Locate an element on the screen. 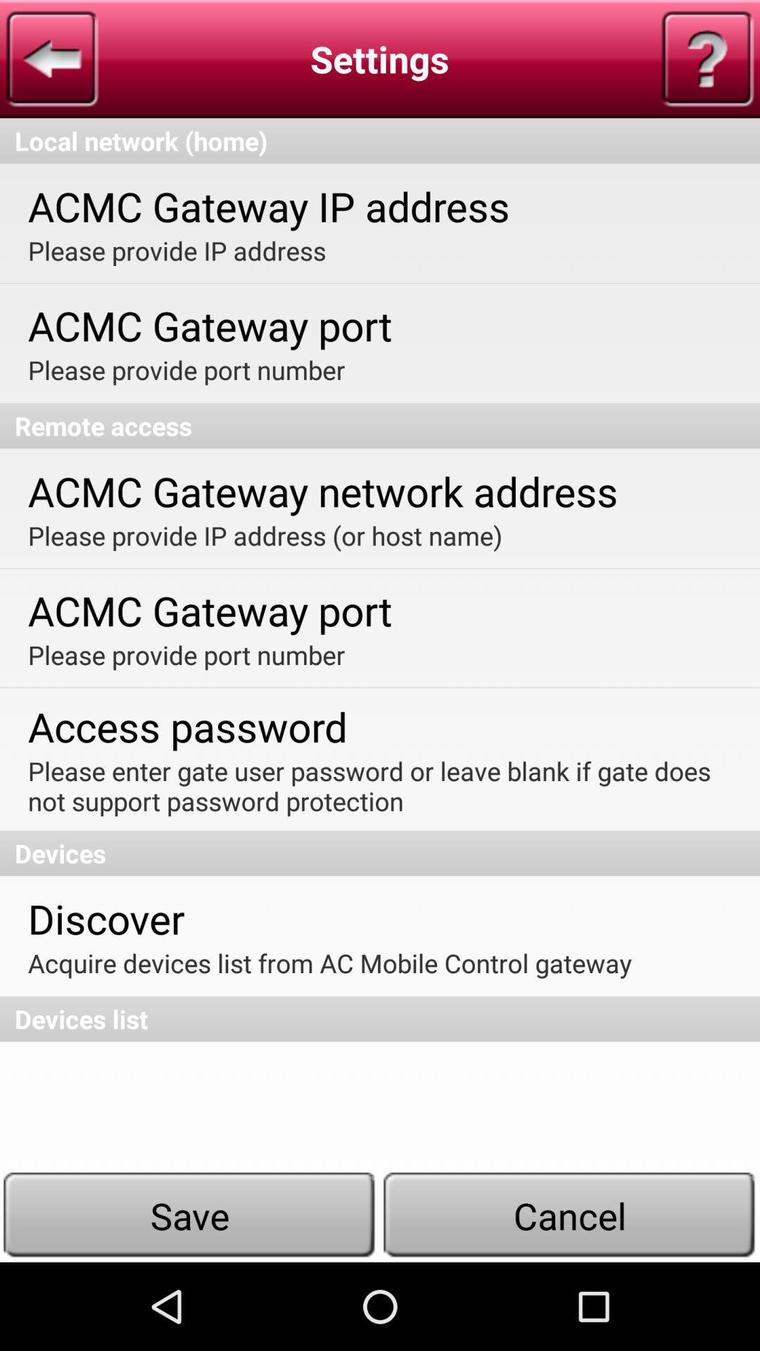  the save is located at coordinates (190, 1214).